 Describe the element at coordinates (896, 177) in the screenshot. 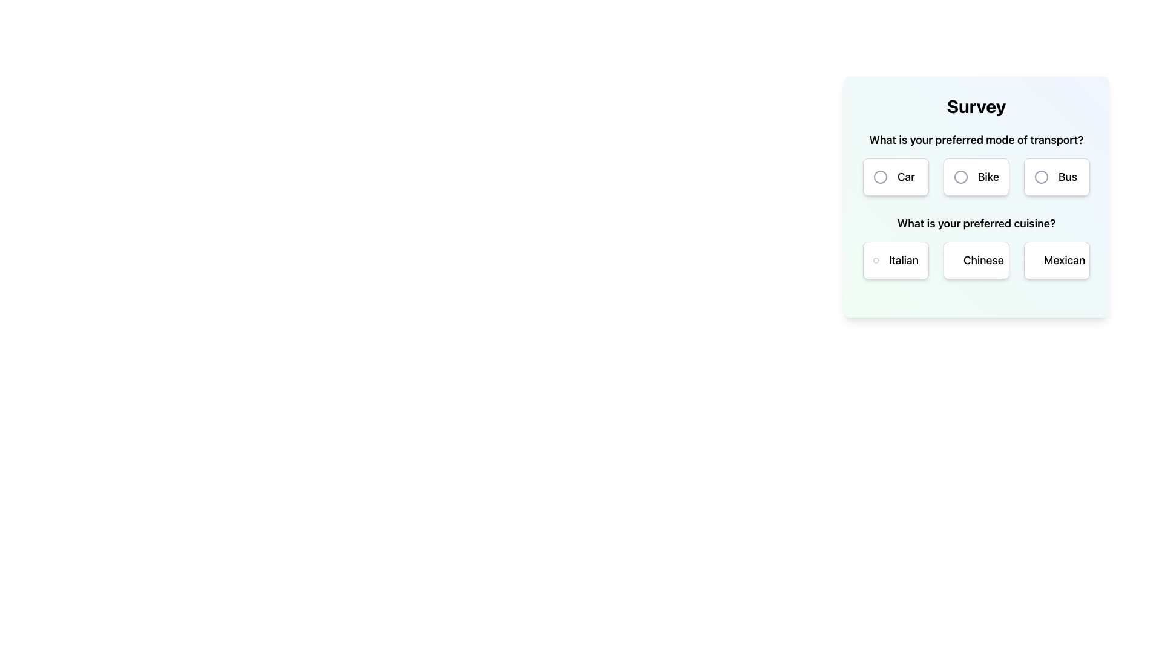

I see `the 'Car' radio button option located in the upper section of the survey form` at that location.